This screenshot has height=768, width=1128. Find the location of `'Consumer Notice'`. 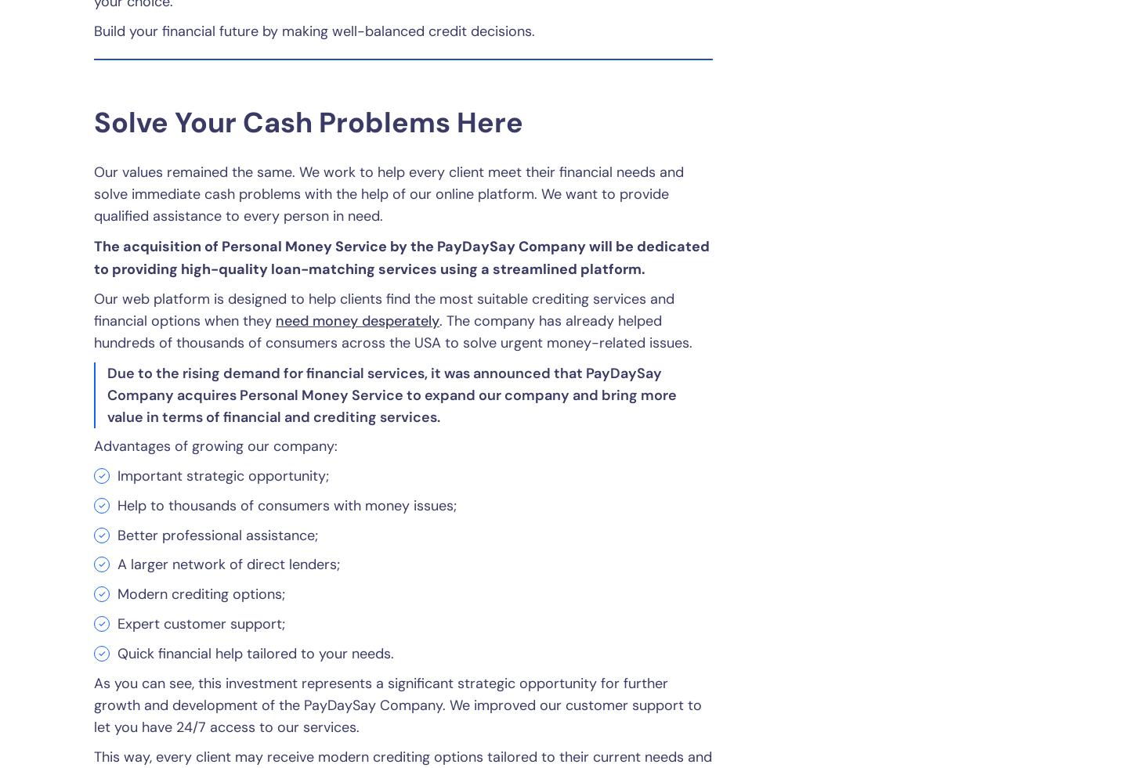

'Consumer Notice' is located at coordinates (154, 37).